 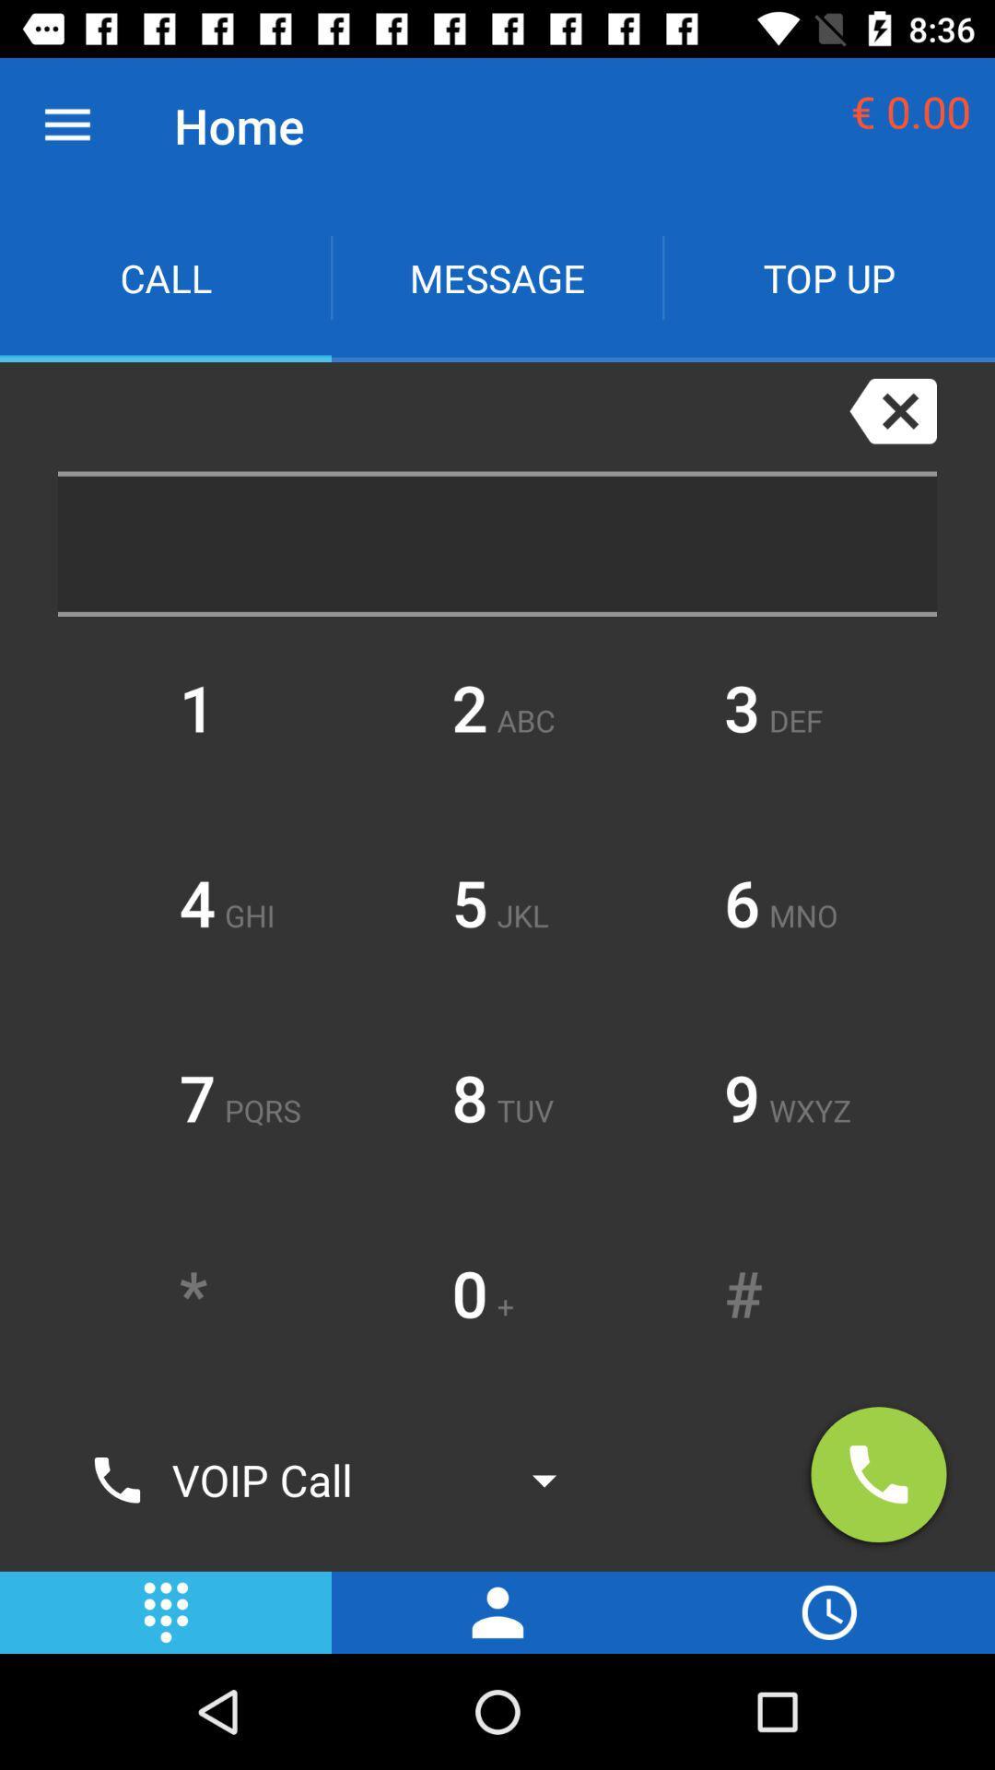 I want to click on the avatar icon, so click(x=497, y=1611).